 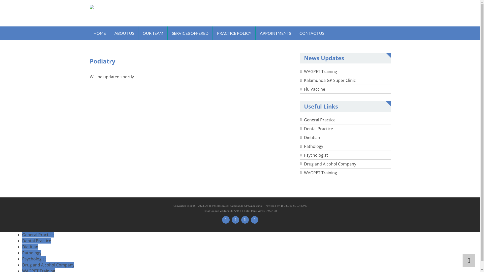 I want to click on 'WAGPET Training', so click(x=320, y=72).